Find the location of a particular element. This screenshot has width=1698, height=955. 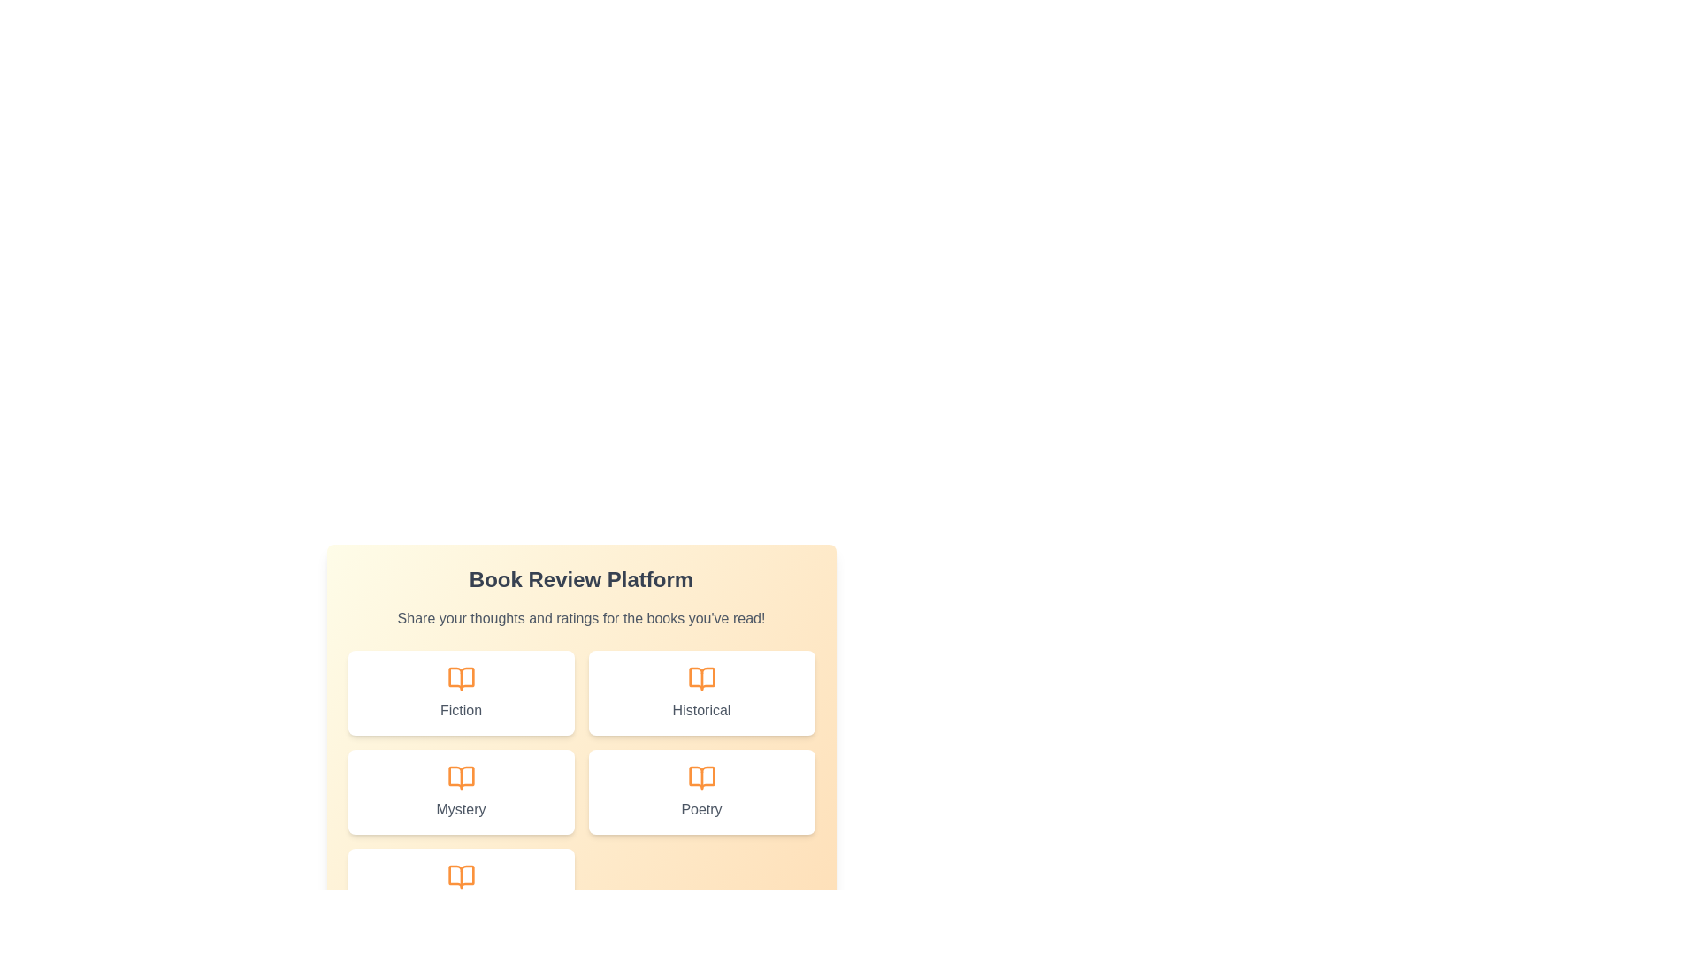

the 'Fiction' category icon, which is an SVG graphic representation located in the top-left card of a 2x2 grid layout, positioned above the text 'Fiction' is located at coordinates (461, 677).